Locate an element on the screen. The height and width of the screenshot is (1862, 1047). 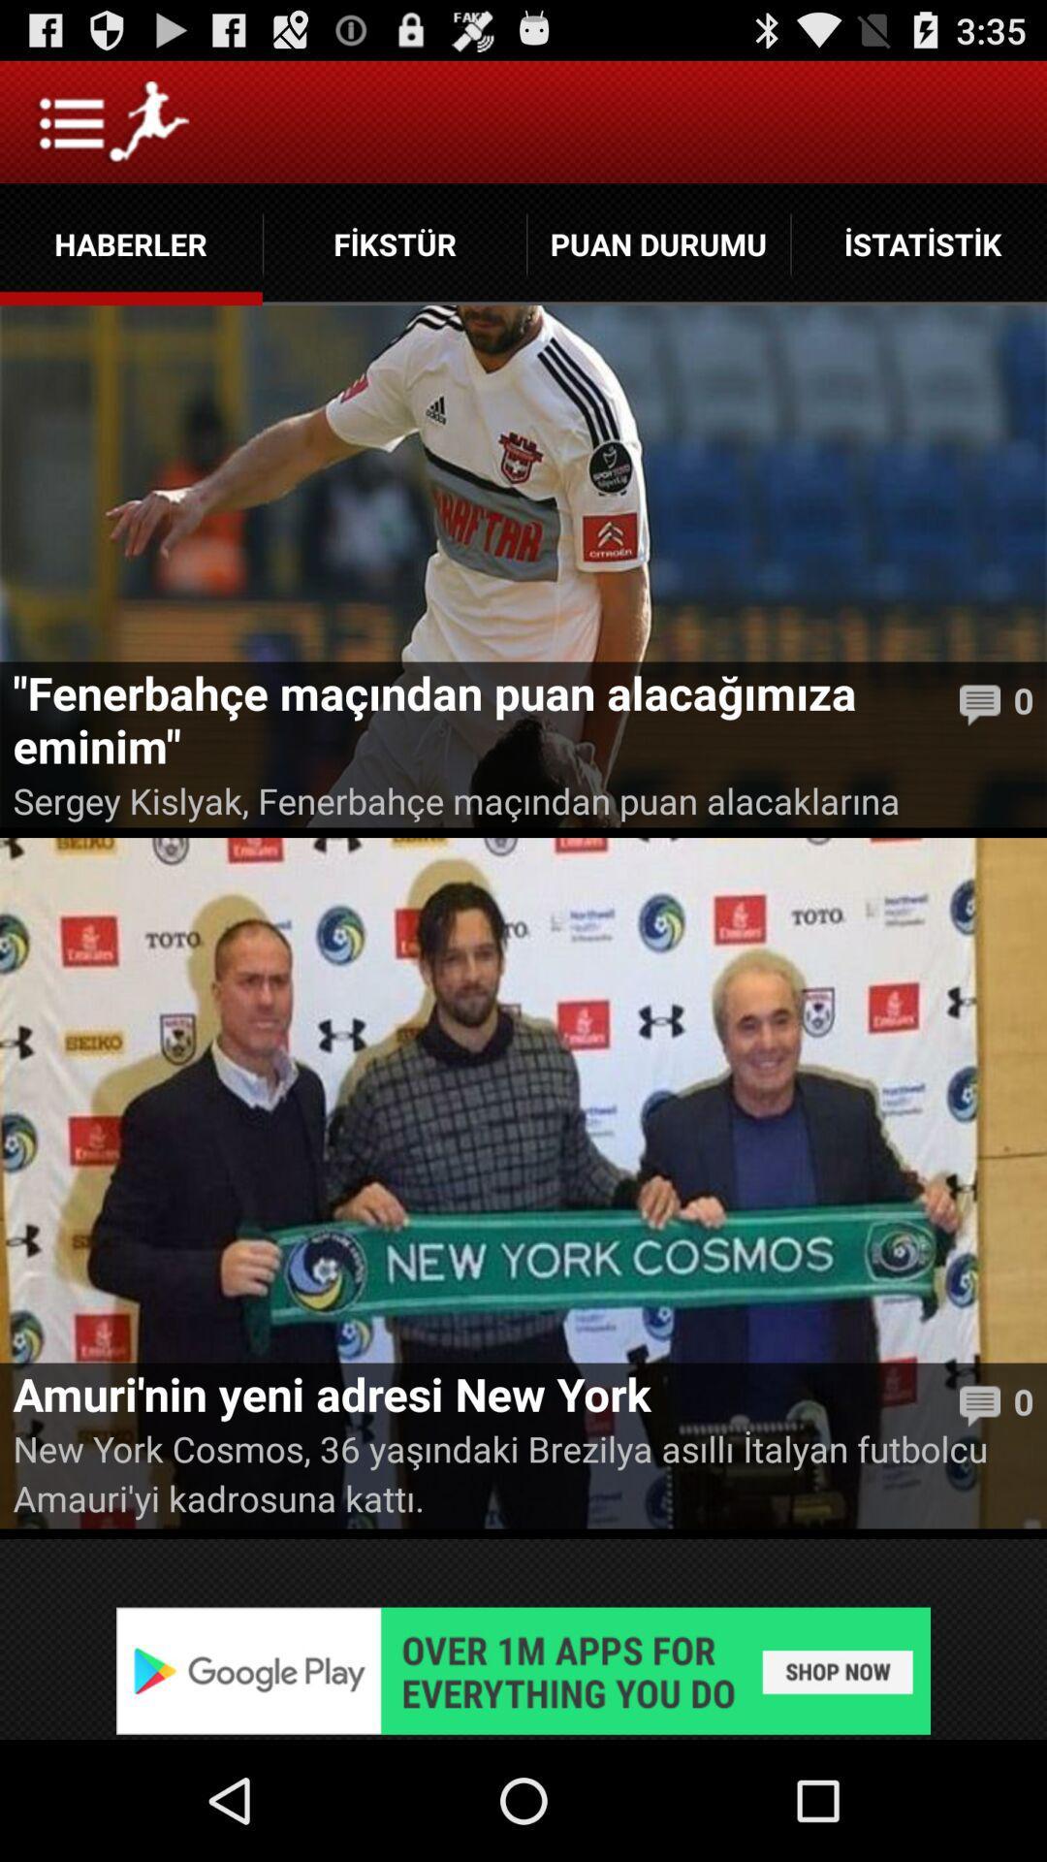
the haberler app is located at coordinates (131, 243).